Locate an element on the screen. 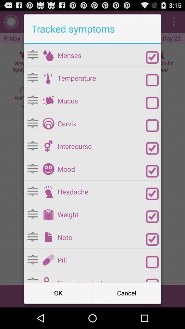 The width and height of the screenshot is (185, 329). headache is located at coordinates (152, 194).